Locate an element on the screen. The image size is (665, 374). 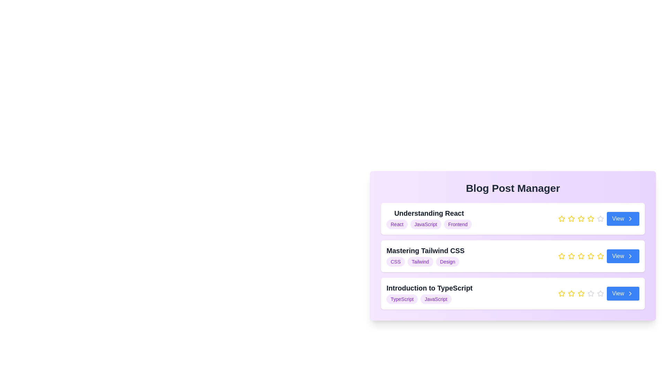
the third yellow star icon in the rating section for the 'Mastering Tailwind CSS' item in the 'Blog Post Manager' to rate it is located at coordinates (598, 256).